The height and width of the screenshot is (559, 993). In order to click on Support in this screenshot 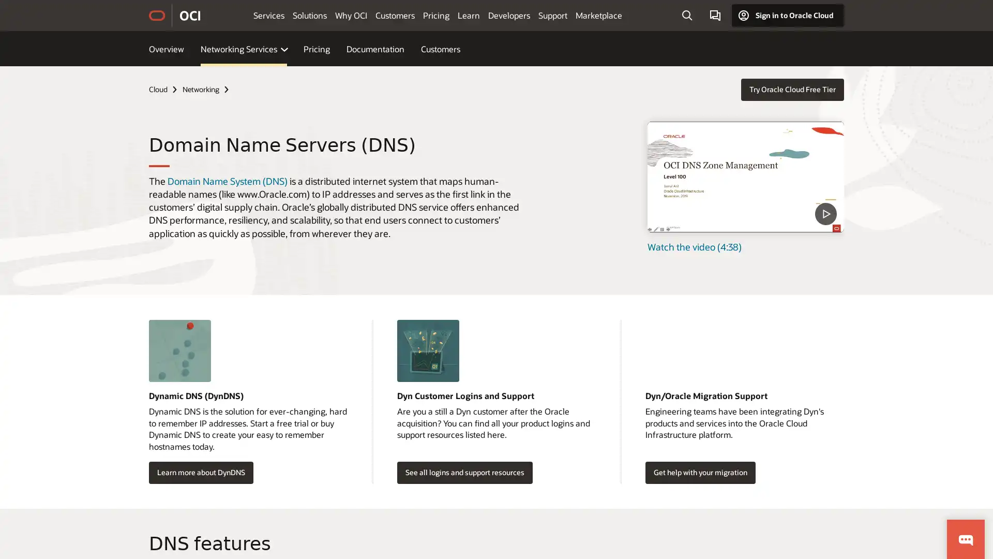, I will do `click(552, 15)`.